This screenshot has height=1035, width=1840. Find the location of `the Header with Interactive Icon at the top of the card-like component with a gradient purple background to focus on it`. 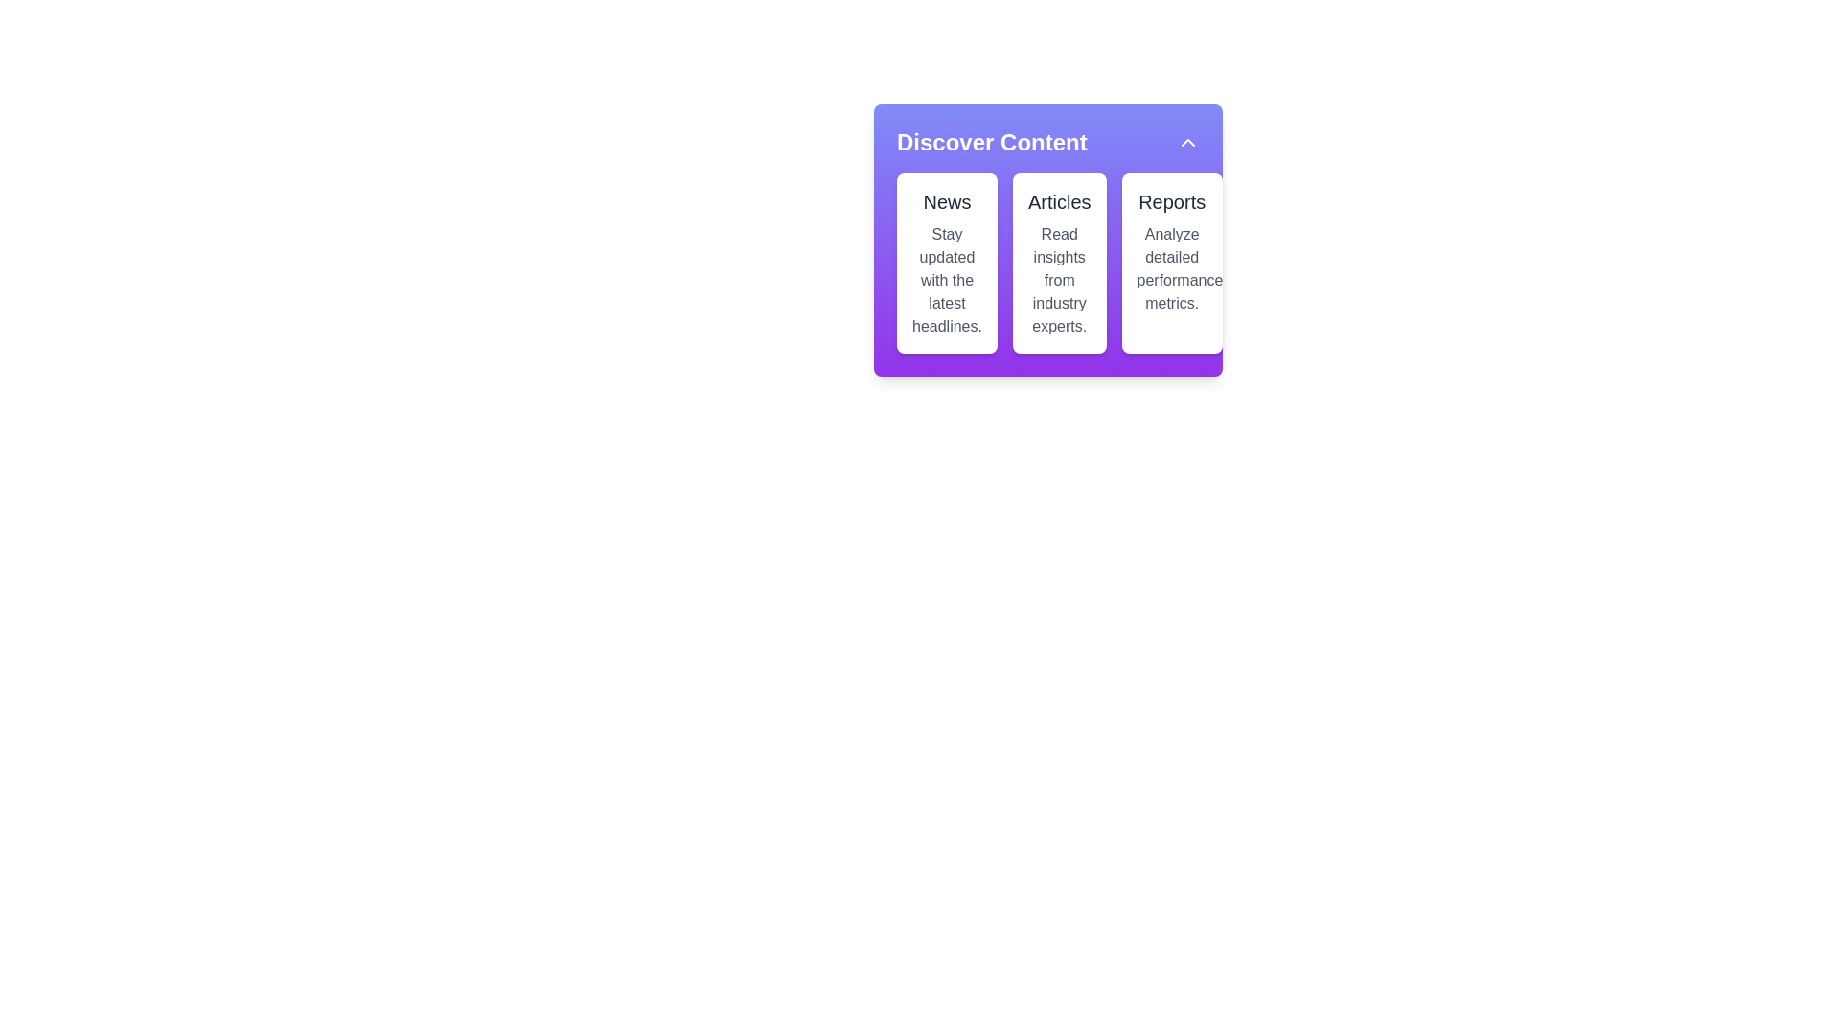

the Header with Interactive Icon at the top of the card-like component with a gradient purple background to focus on it is located at coordinates (1047, 142).